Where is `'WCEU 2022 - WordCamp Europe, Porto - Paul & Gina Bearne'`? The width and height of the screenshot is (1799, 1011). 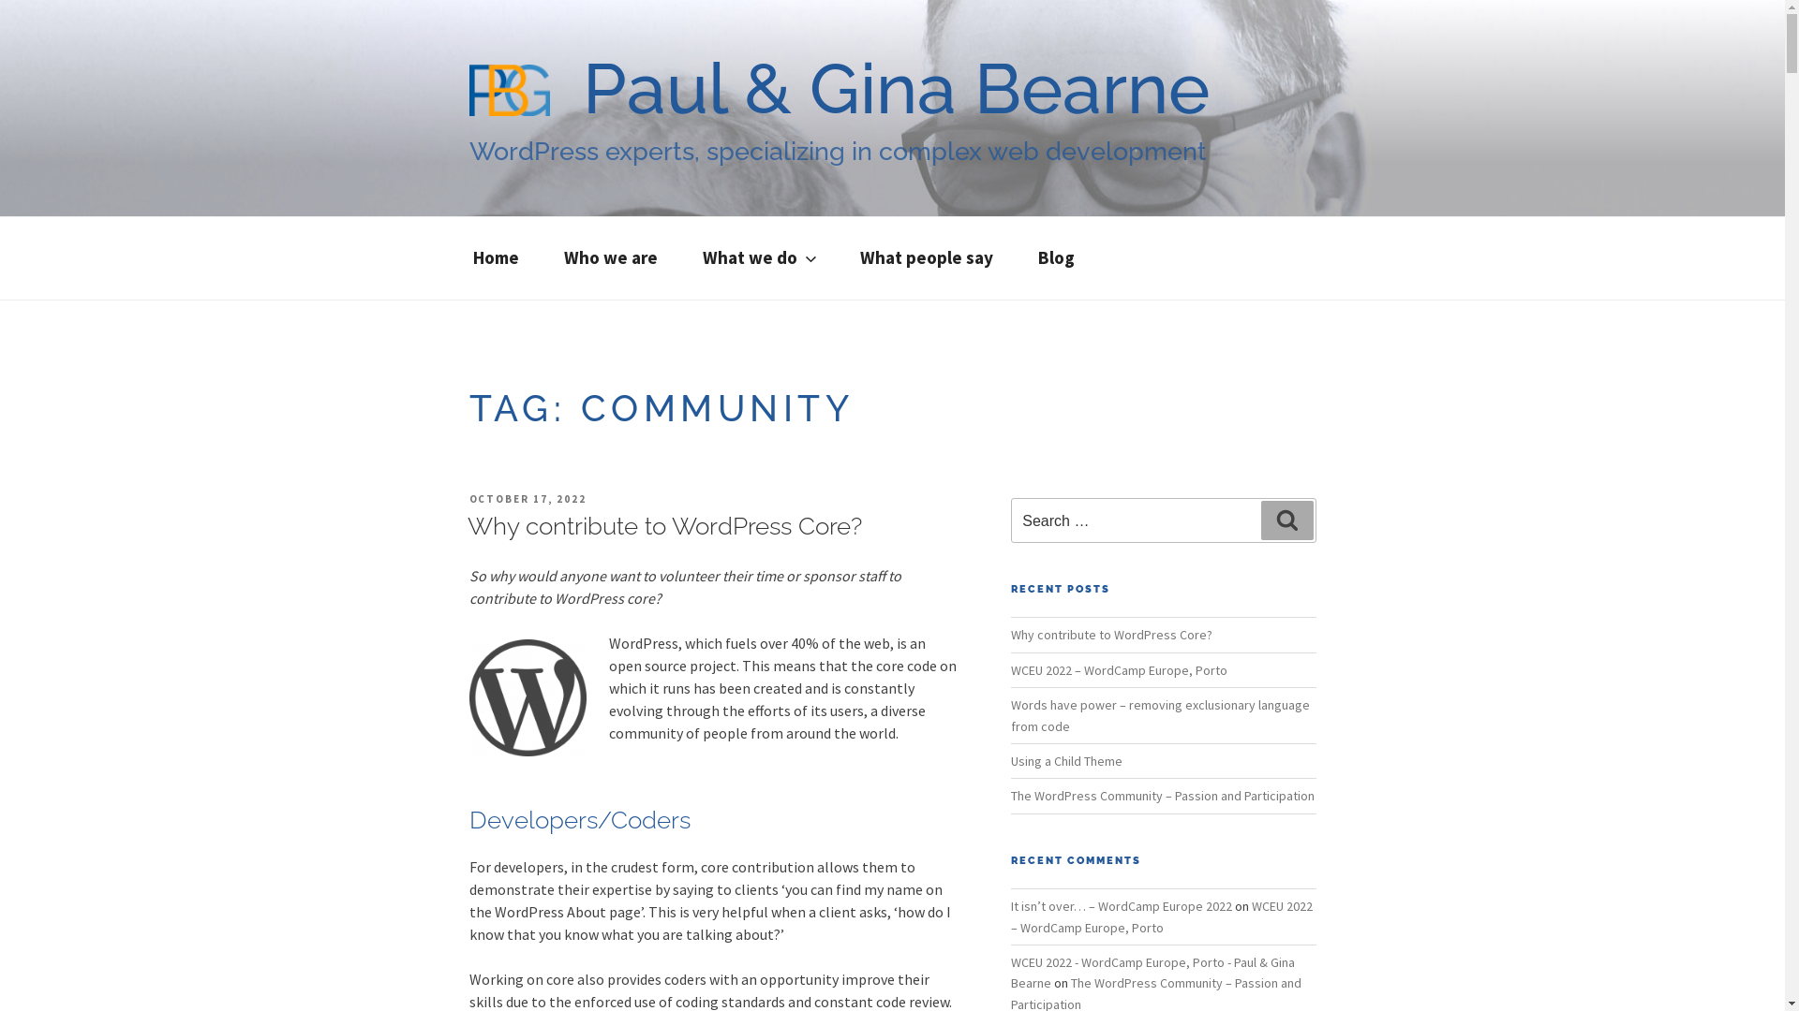
'WCEU 2022 - WordCamp Europe, Porto - Paul & Gina Bearne' is located at coordinates (1152, 971).